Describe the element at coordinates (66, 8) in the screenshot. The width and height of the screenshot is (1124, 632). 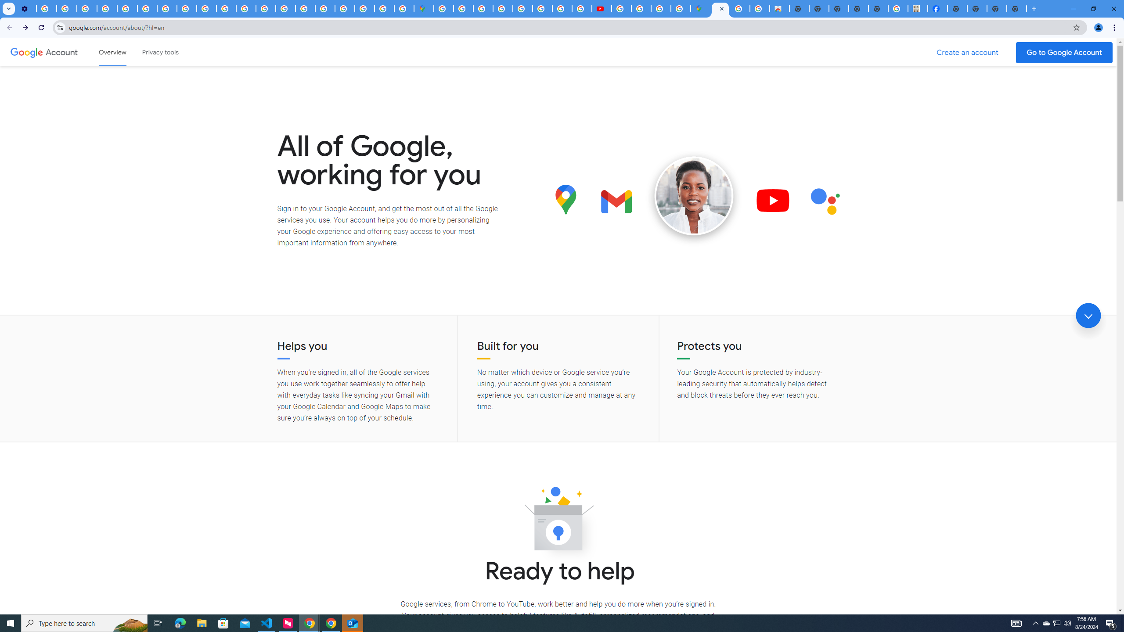
I see `'Learn how to find your photos - Google Photos Help'` at that location.